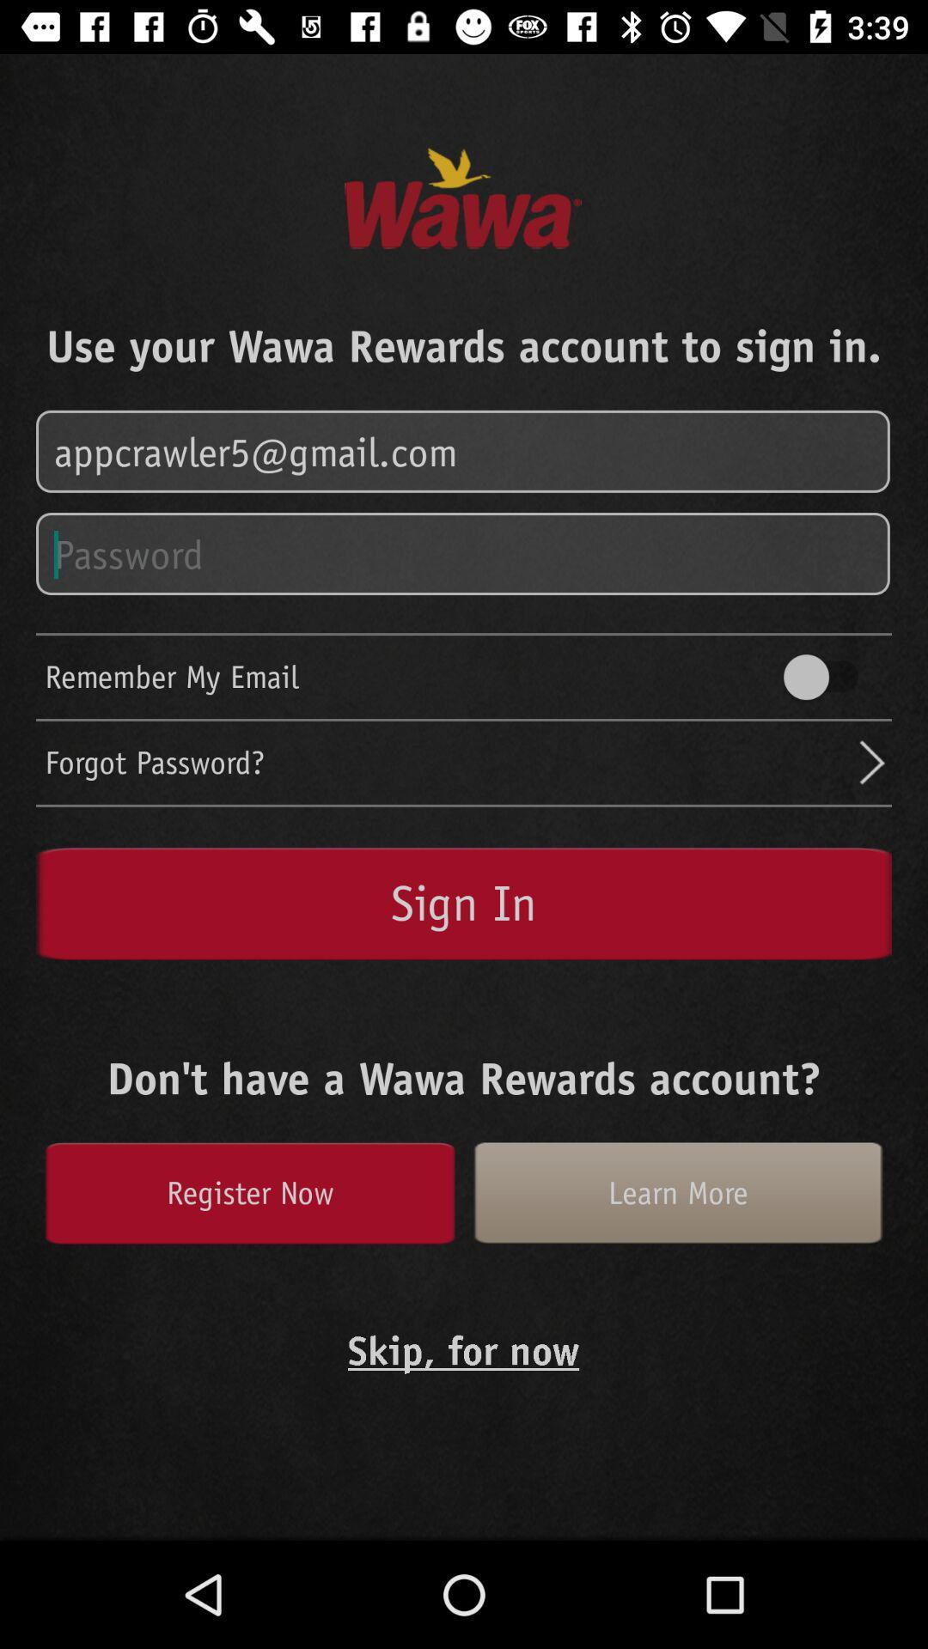  What do you see at coordinates (462, 1350) in the screenshot?
I see `the text which says skipfor now which is at the bottom` at bounding box center [462, 1350].